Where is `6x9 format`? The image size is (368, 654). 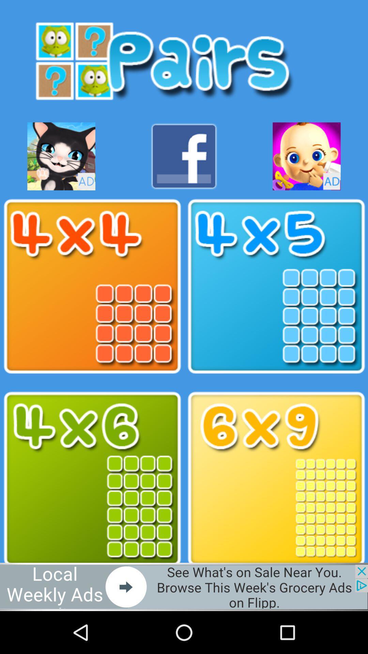 6x9 format is located at coordinates (276, 479).